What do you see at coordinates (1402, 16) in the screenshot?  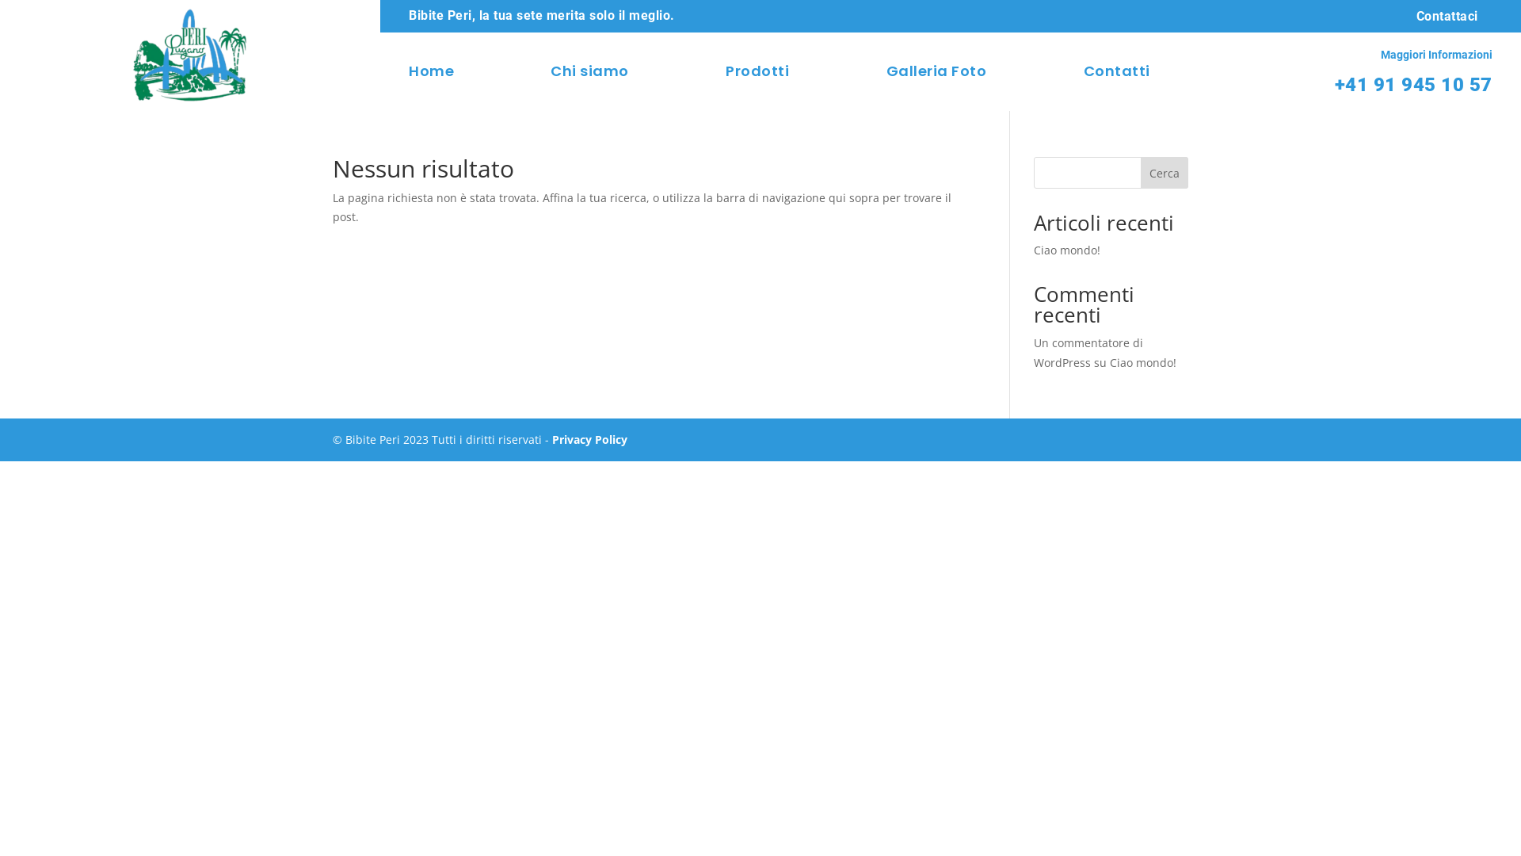 I see `'Contattaci'` at bounding box center [1402, 16].